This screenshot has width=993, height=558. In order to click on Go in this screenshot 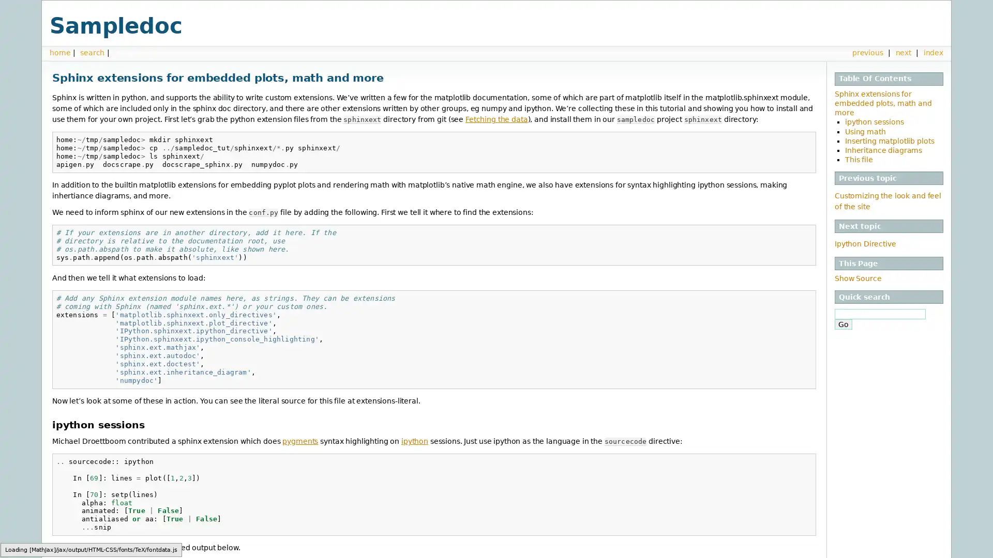, I will do `click(844, 323)`.